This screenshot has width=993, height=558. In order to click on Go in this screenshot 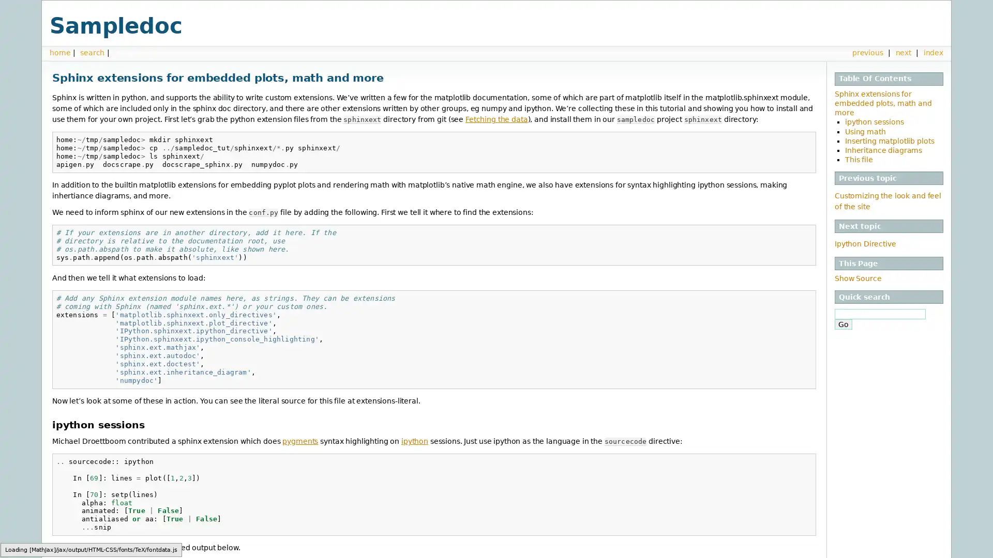, I will do `click(844, 323)`.